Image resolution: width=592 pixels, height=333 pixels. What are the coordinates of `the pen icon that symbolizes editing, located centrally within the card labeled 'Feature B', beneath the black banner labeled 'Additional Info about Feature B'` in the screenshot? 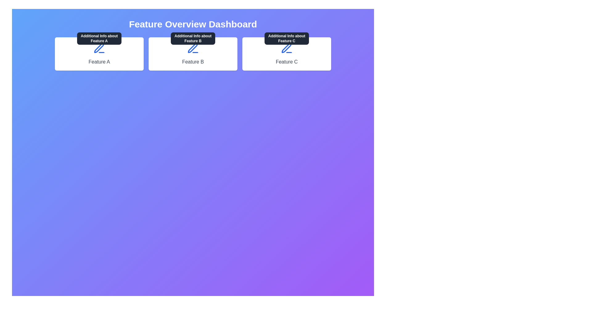 It's located at (192, 48).